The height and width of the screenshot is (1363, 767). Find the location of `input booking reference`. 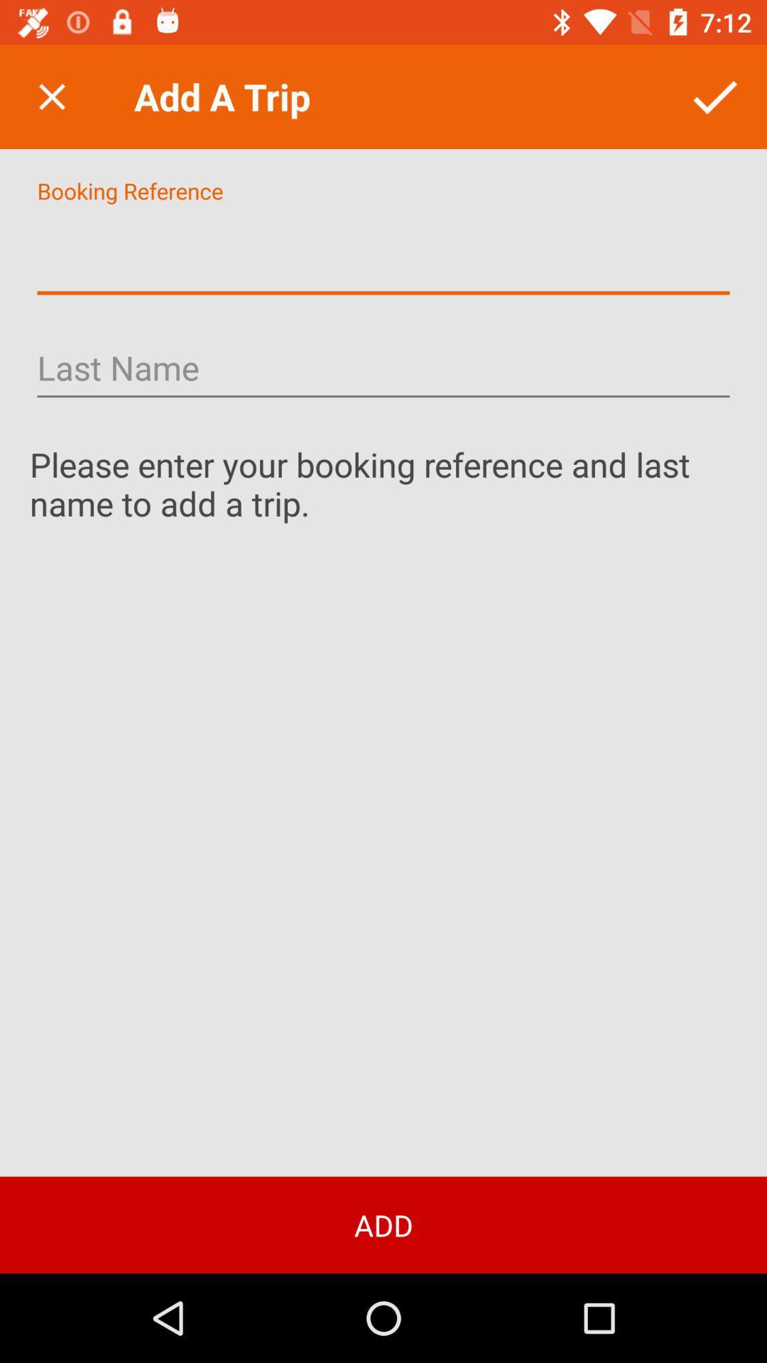

input booking reference is located at coordinates (383, 253).